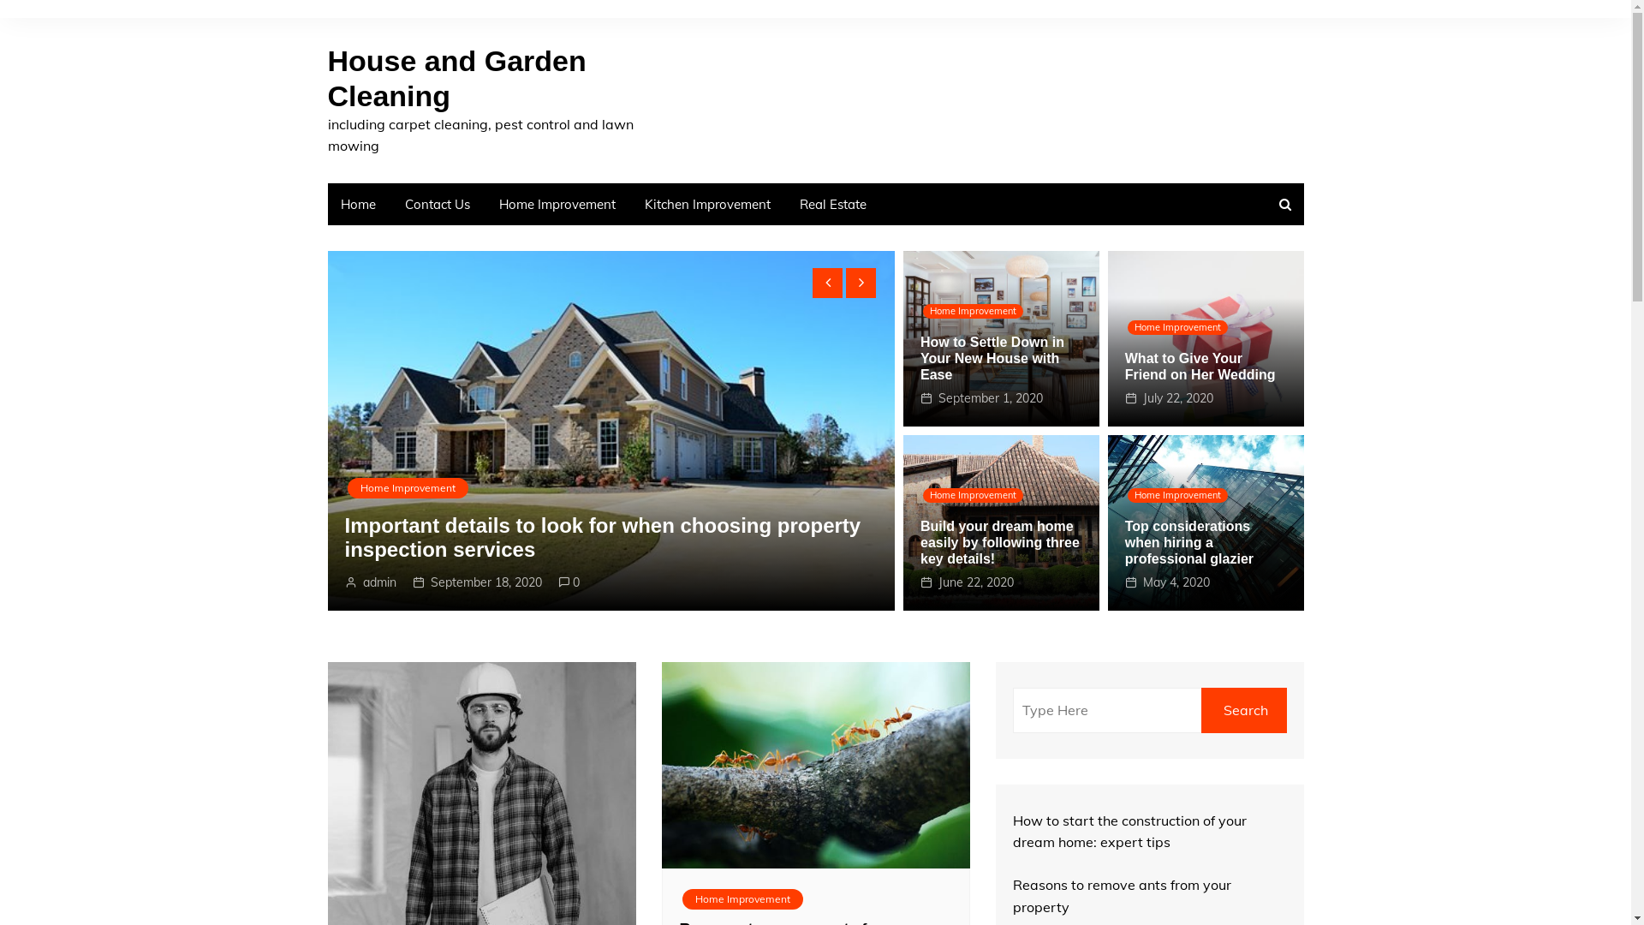 This screenshot has height=925, width=1644. I want to click on 'Real Estate', so click(832, 203).